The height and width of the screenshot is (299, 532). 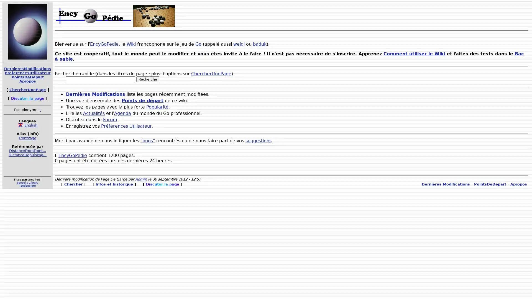 I want to click on Recherche, so click(x=148, y=79).